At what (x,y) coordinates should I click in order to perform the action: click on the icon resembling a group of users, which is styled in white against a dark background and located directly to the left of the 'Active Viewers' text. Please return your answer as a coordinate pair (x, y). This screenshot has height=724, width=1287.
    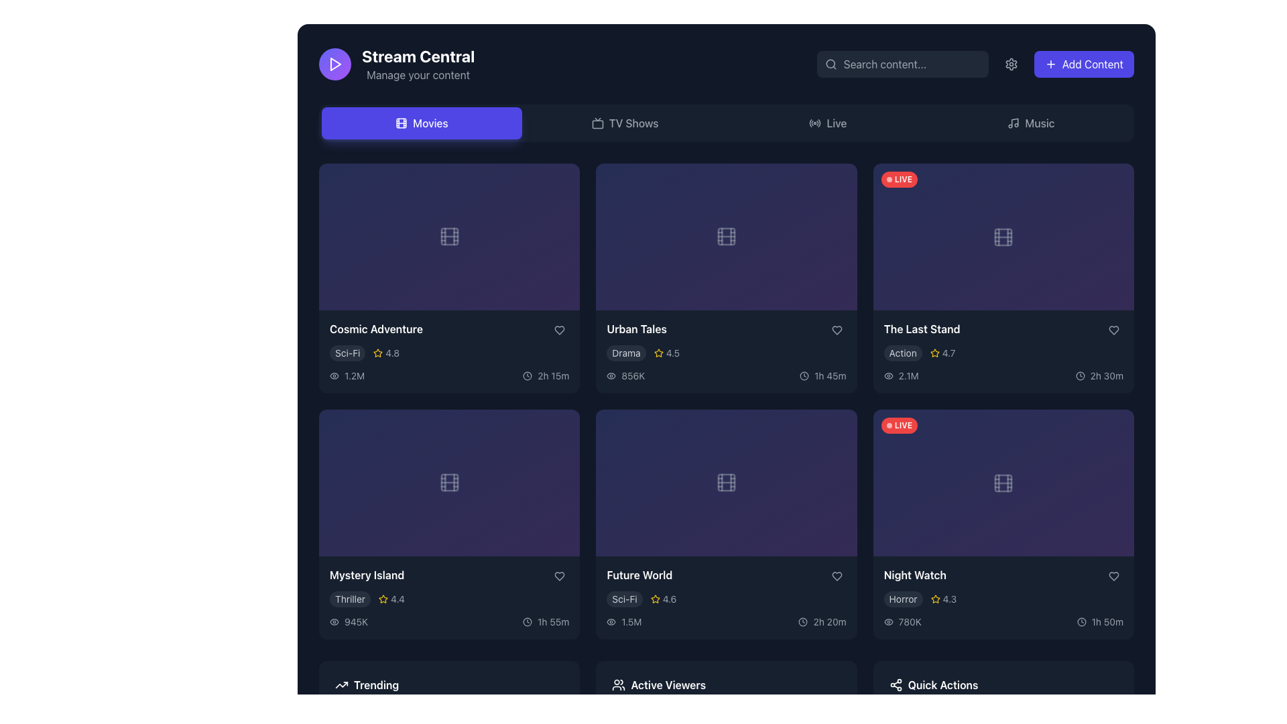
    Looking at the image, I should click on (618, 685).